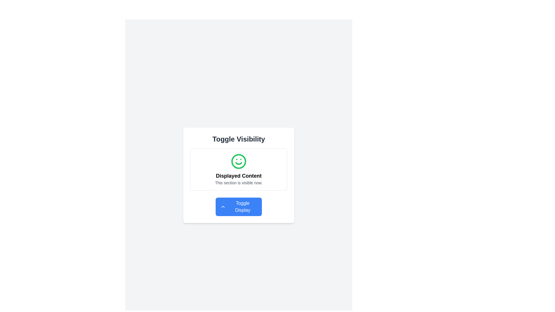 The width and height of the screenshot is (555, 312). Describe the element at coordinates (223, 207) in the screenshot. I see `the icon within the 'Toggle Display' button` at that location.